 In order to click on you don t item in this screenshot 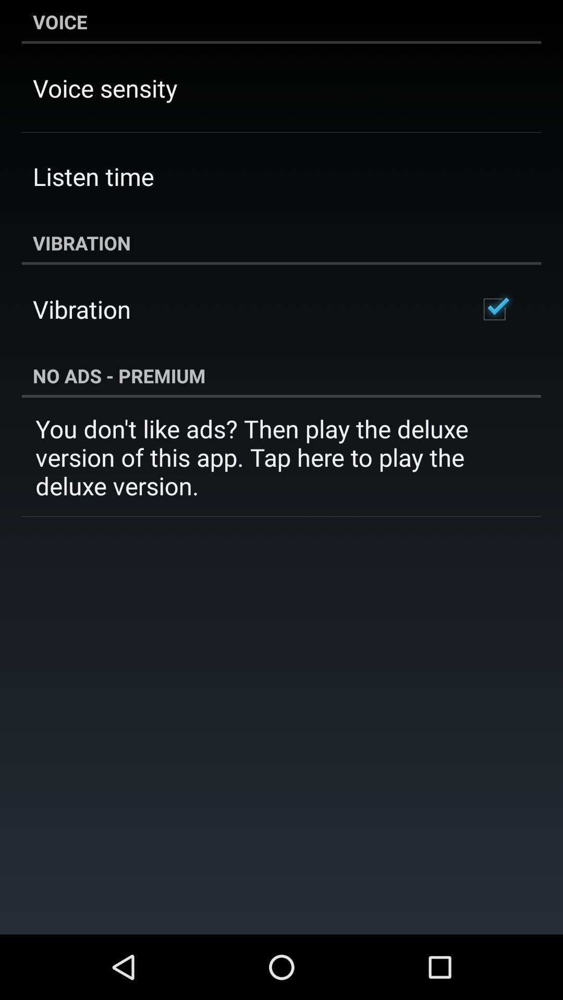, I will do `click(281, 457)`.